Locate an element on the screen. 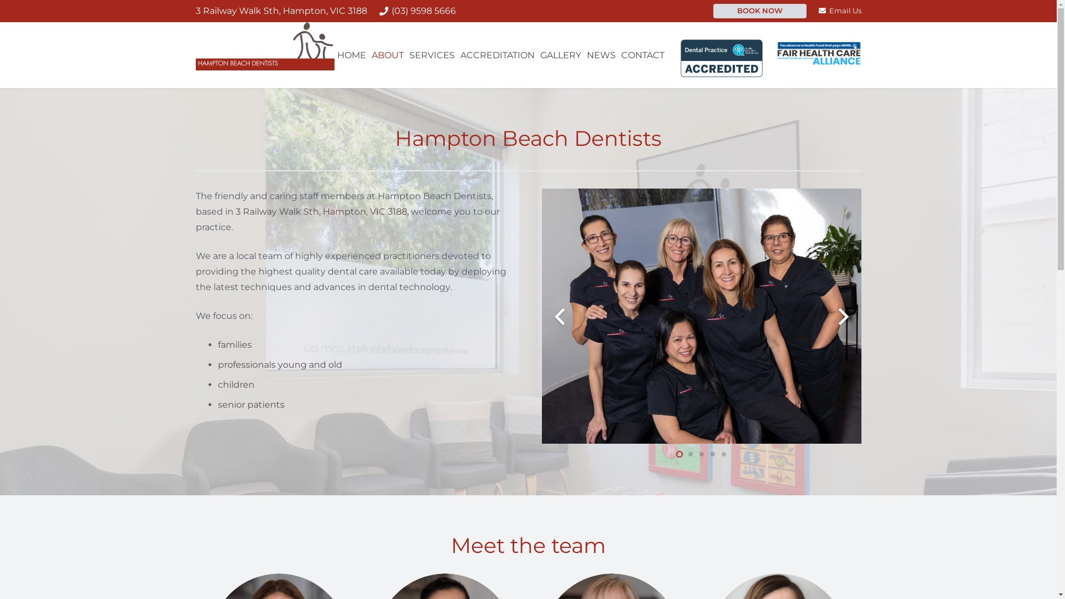 This screenshot has width=1065, height=599. 'NEWS' is located at coordinates (601, 55).